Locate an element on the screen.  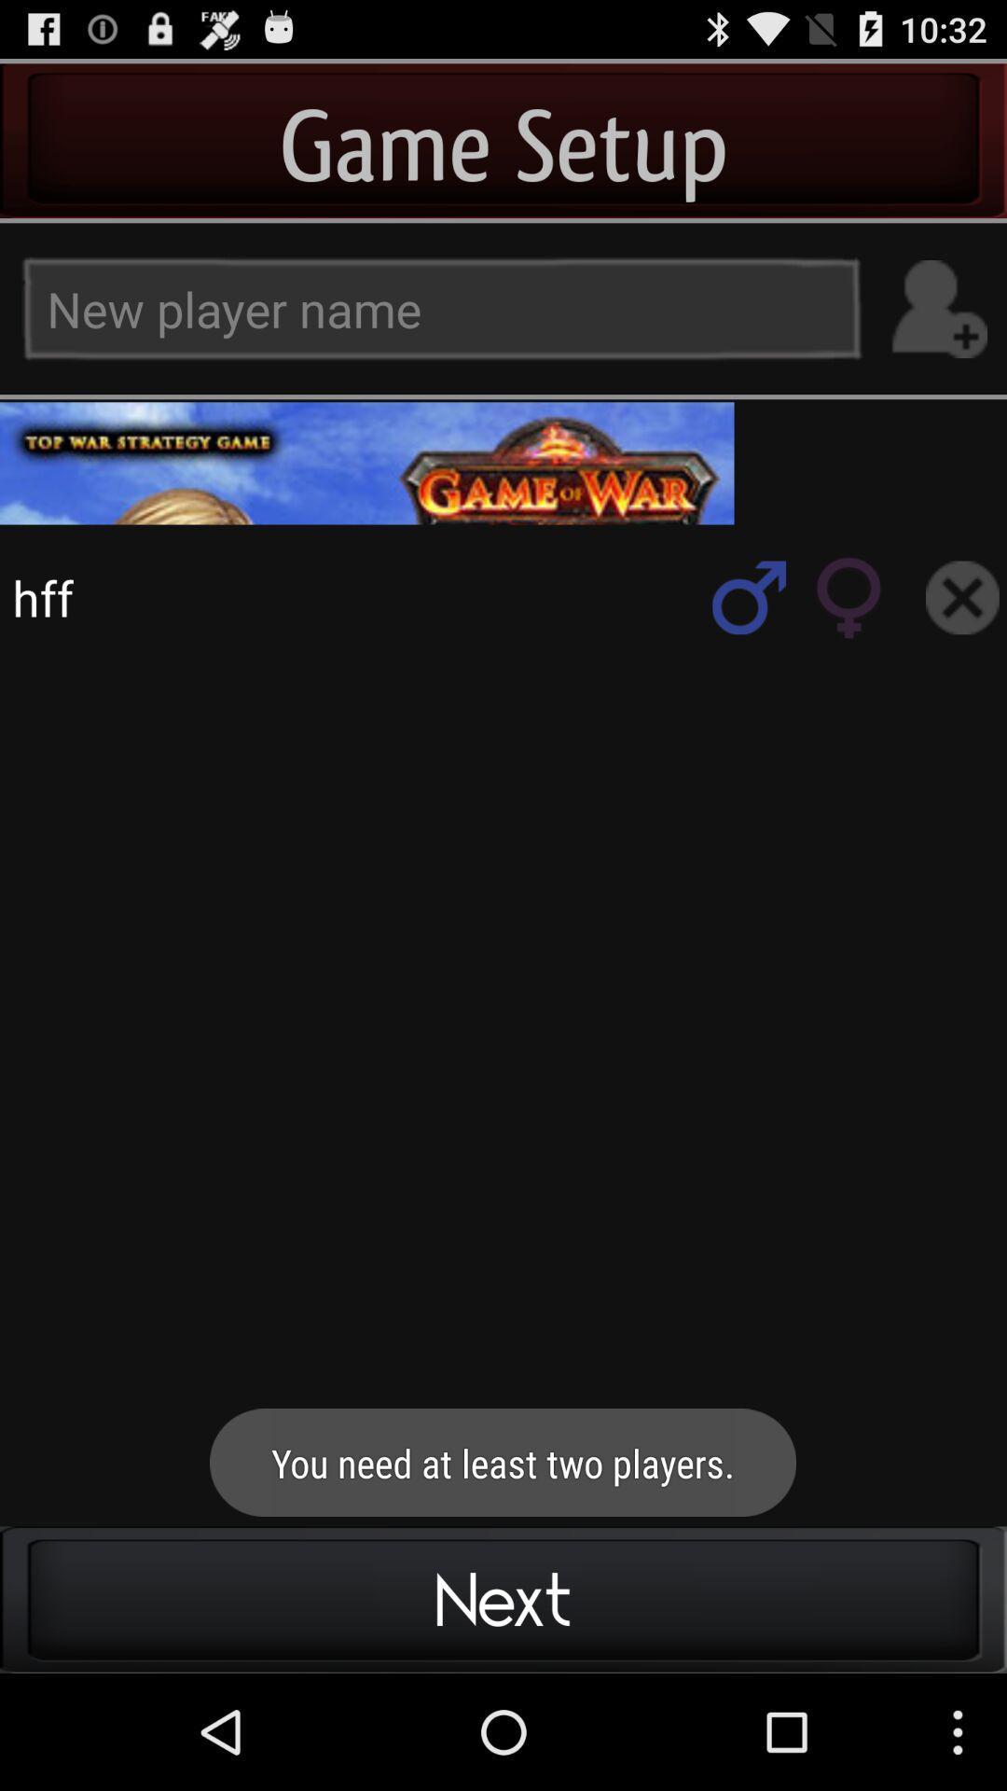
choose male is located at coordinates (748, 597).